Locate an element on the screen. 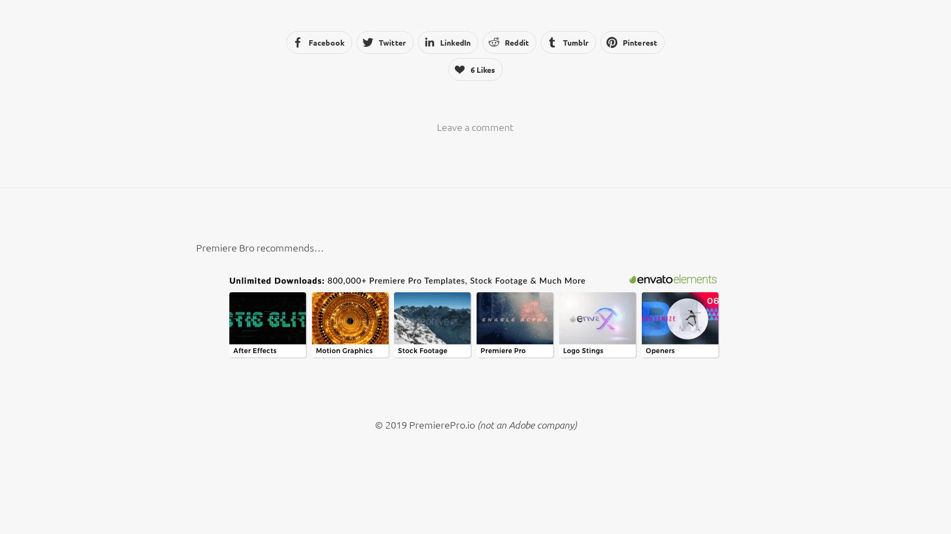  'LinkedIn' is located at coordinates (455, 41).